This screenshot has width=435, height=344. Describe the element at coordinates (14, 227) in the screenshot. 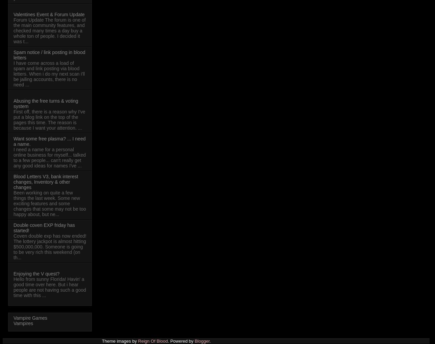

I see `'Double coven EXP friday has started!'` at that location.